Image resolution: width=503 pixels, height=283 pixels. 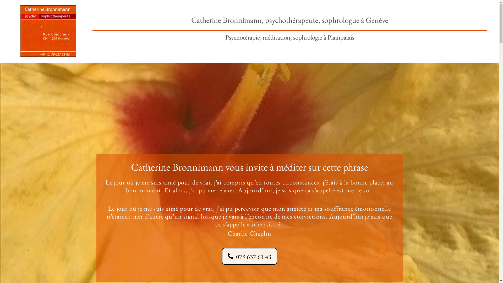 I want to click on '079 637 61 43', so click(x=249, y=256).